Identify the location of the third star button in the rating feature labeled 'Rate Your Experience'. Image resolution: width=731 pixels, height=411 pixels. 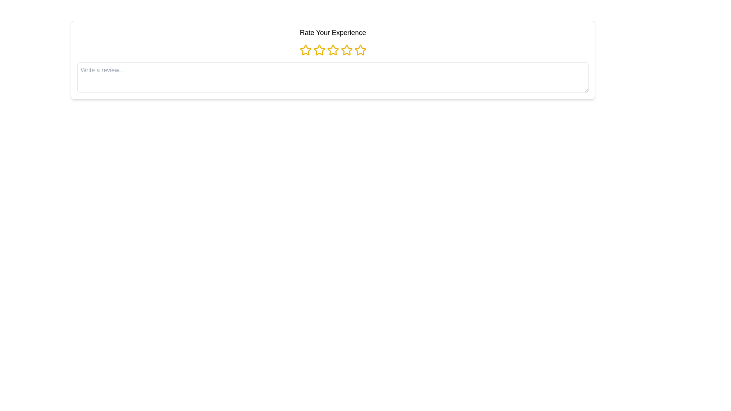
(333, 50).